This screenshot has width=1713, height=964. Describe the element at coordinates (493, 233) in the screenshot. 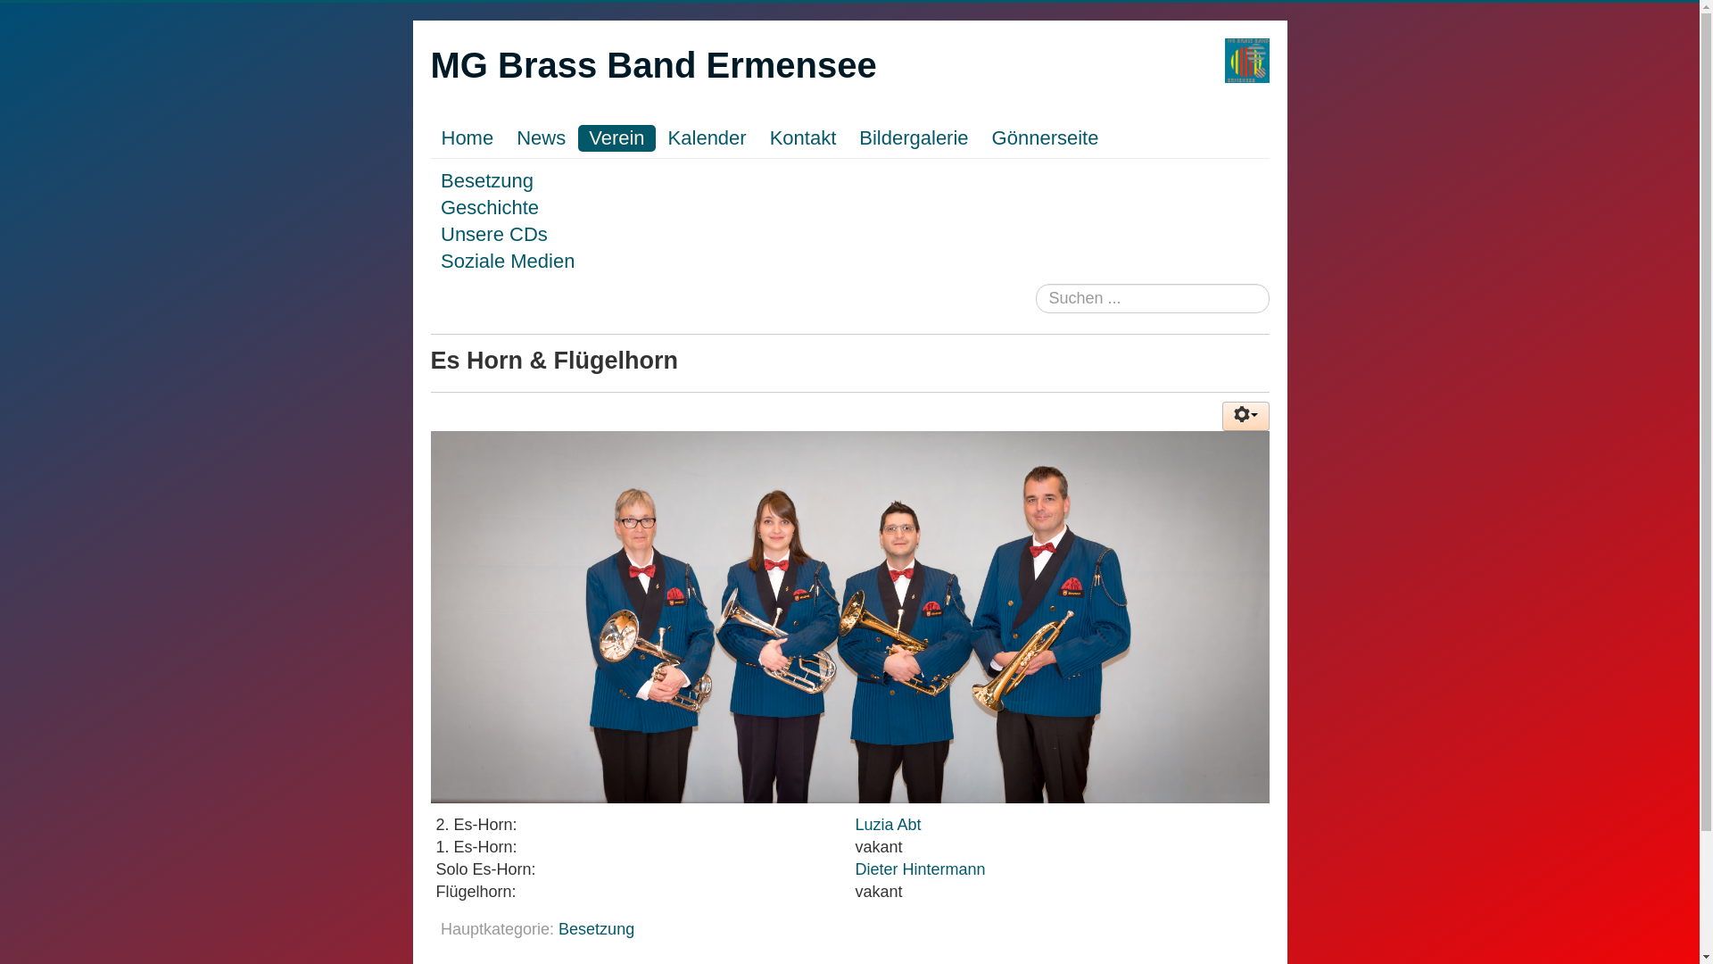

I see `'Unsere CDs'` at that location.